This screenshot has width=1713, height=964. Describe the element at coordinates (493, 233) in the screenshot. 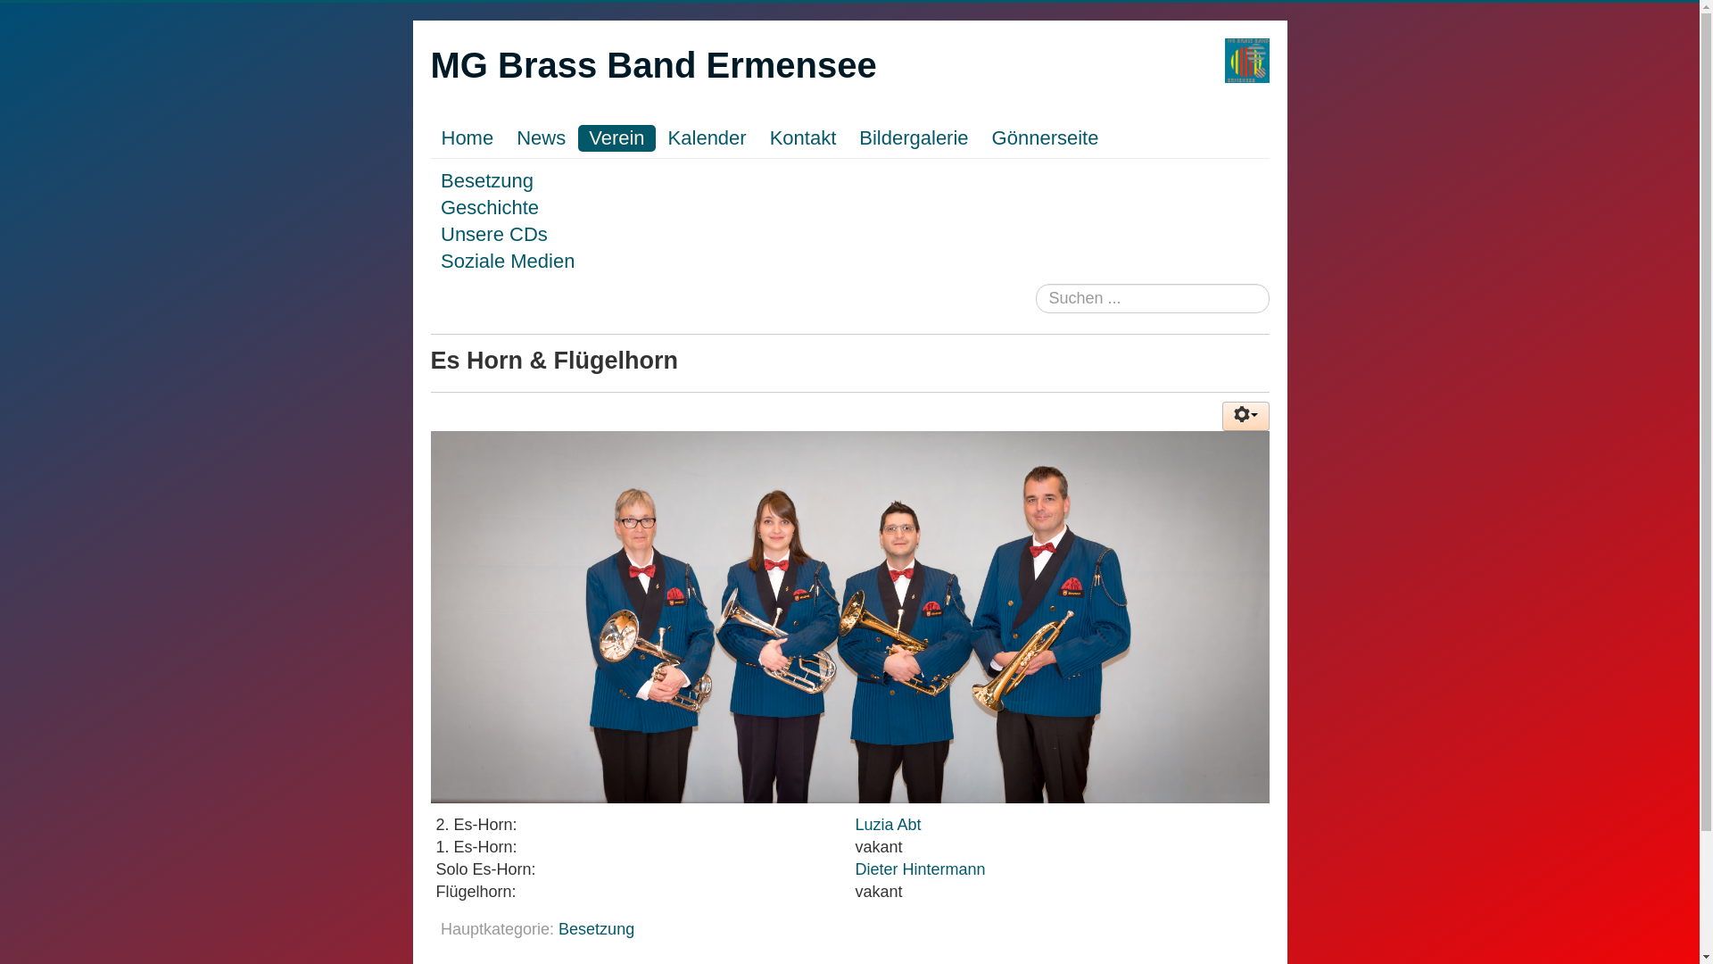

I see `'Unsere CDs'` at that location.